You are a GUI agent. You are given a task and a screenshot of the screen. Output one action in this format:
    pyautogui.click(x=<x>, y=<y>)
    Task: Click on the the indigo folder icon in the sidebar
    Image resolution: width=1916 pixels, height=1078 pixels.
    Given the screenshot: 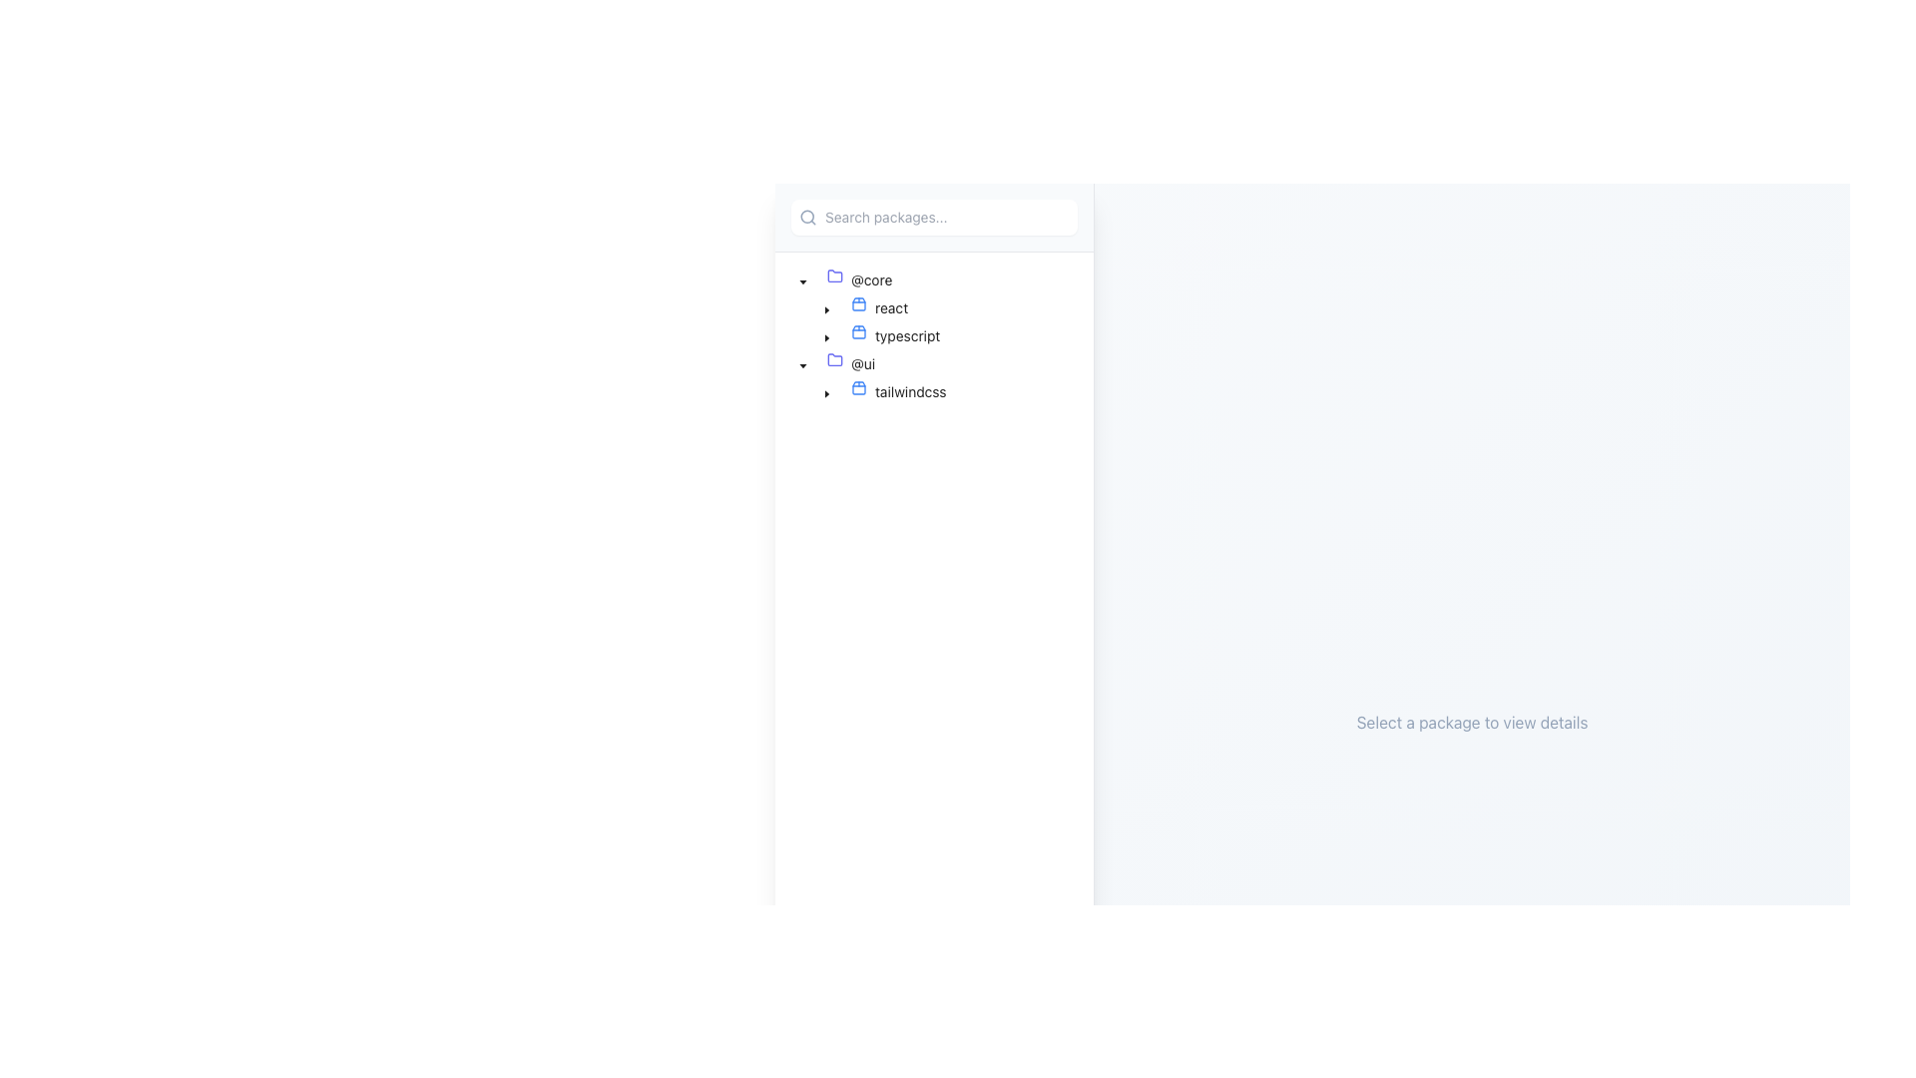 What is the action you would take?
    pyautogui.click(x=834, y=360)
    